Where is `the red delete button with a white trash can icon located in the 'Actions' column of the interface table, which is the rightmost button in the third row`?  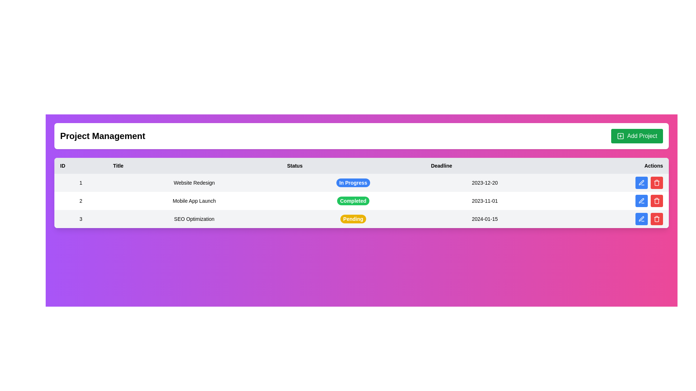
the red delete button with a white trash can icon located in the 'Actions' column of the interface table, which is the rightmost button in the third row is located at coordinates (656, 182).